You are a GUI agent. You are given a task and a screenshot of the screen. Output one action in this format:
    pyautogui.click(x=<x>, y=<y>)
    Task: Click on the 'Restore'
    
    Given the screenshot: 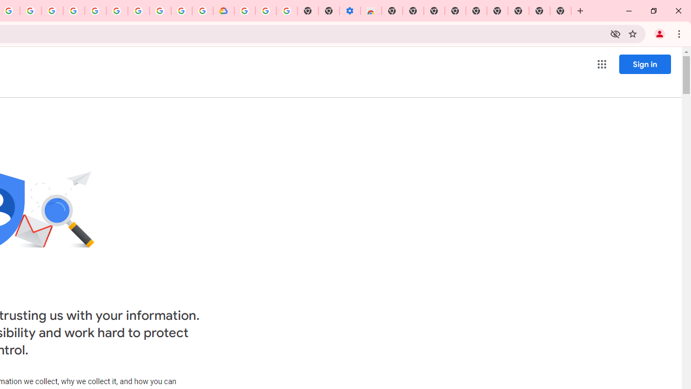 What is the action you would take?
    pyautogui.click(x=653, y=11)
    